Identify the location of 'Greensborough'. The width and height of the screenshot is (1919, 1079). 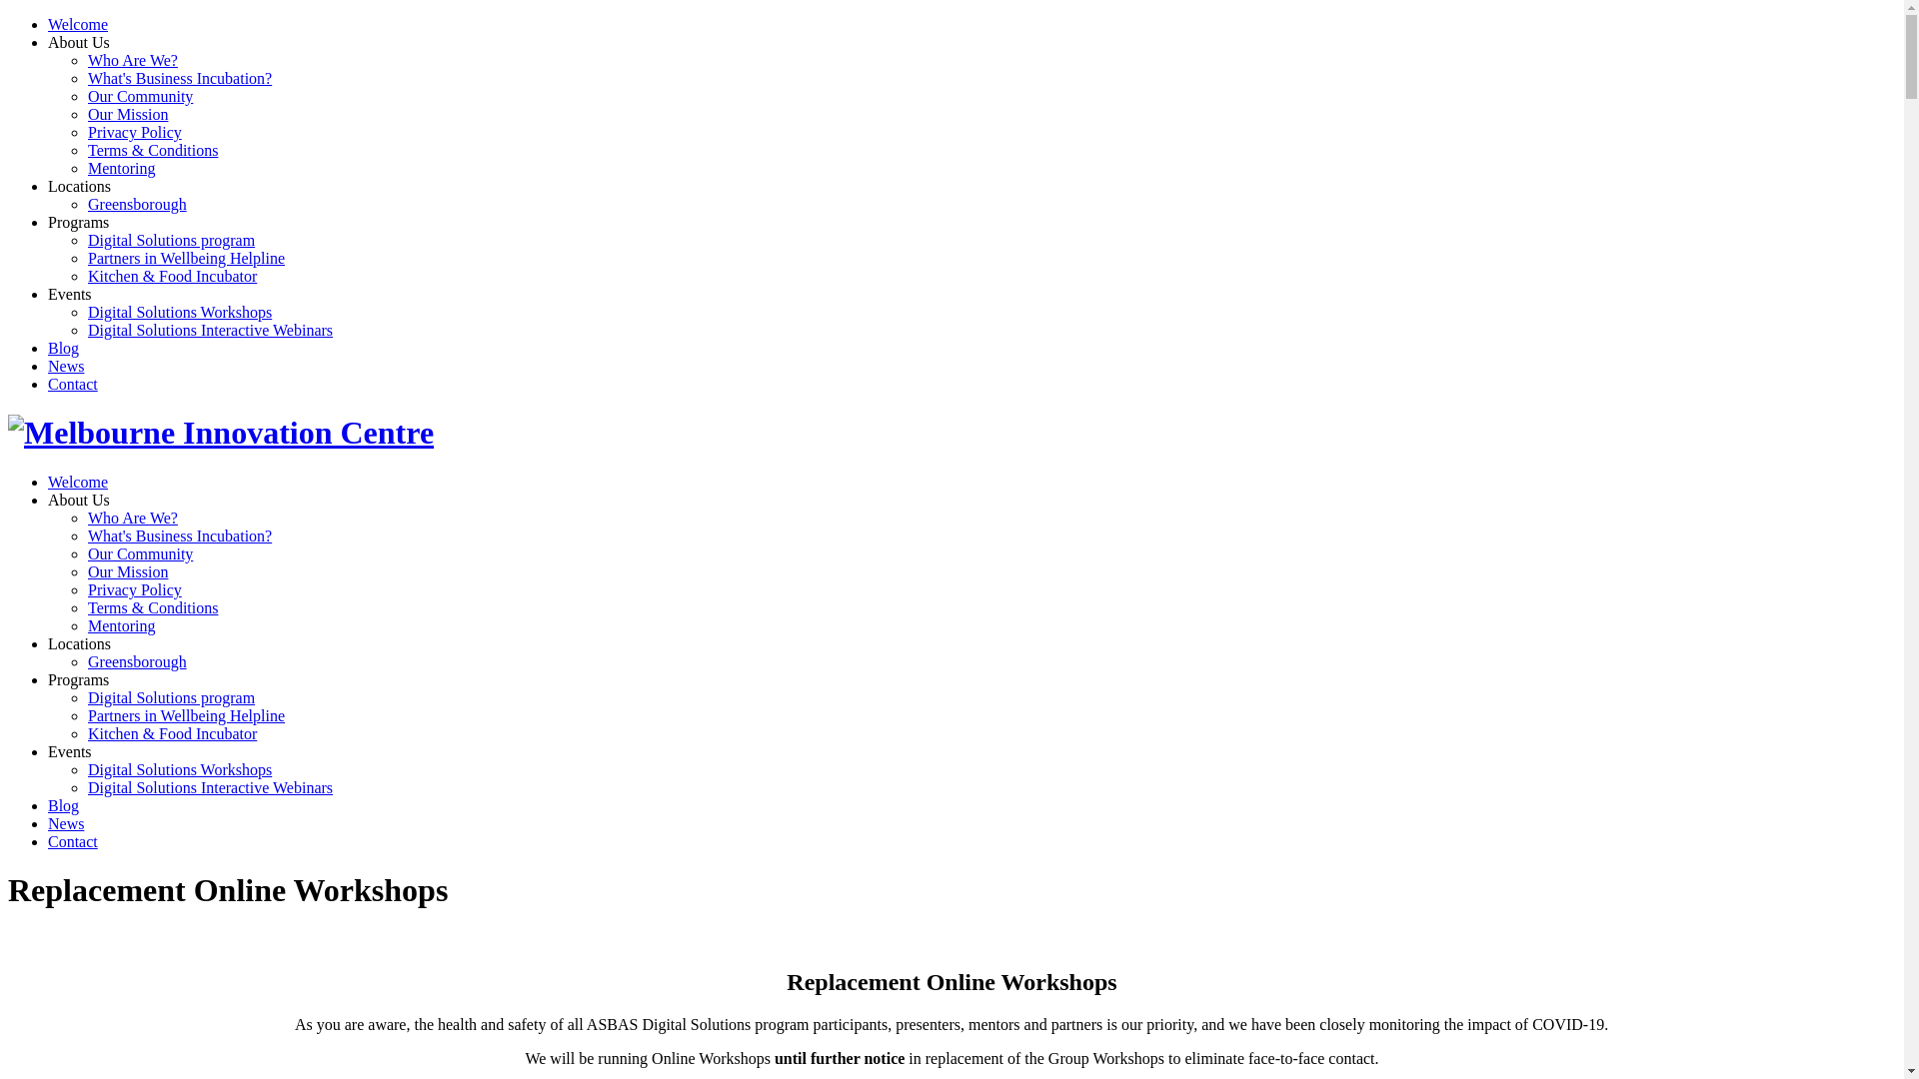
(136, 661).